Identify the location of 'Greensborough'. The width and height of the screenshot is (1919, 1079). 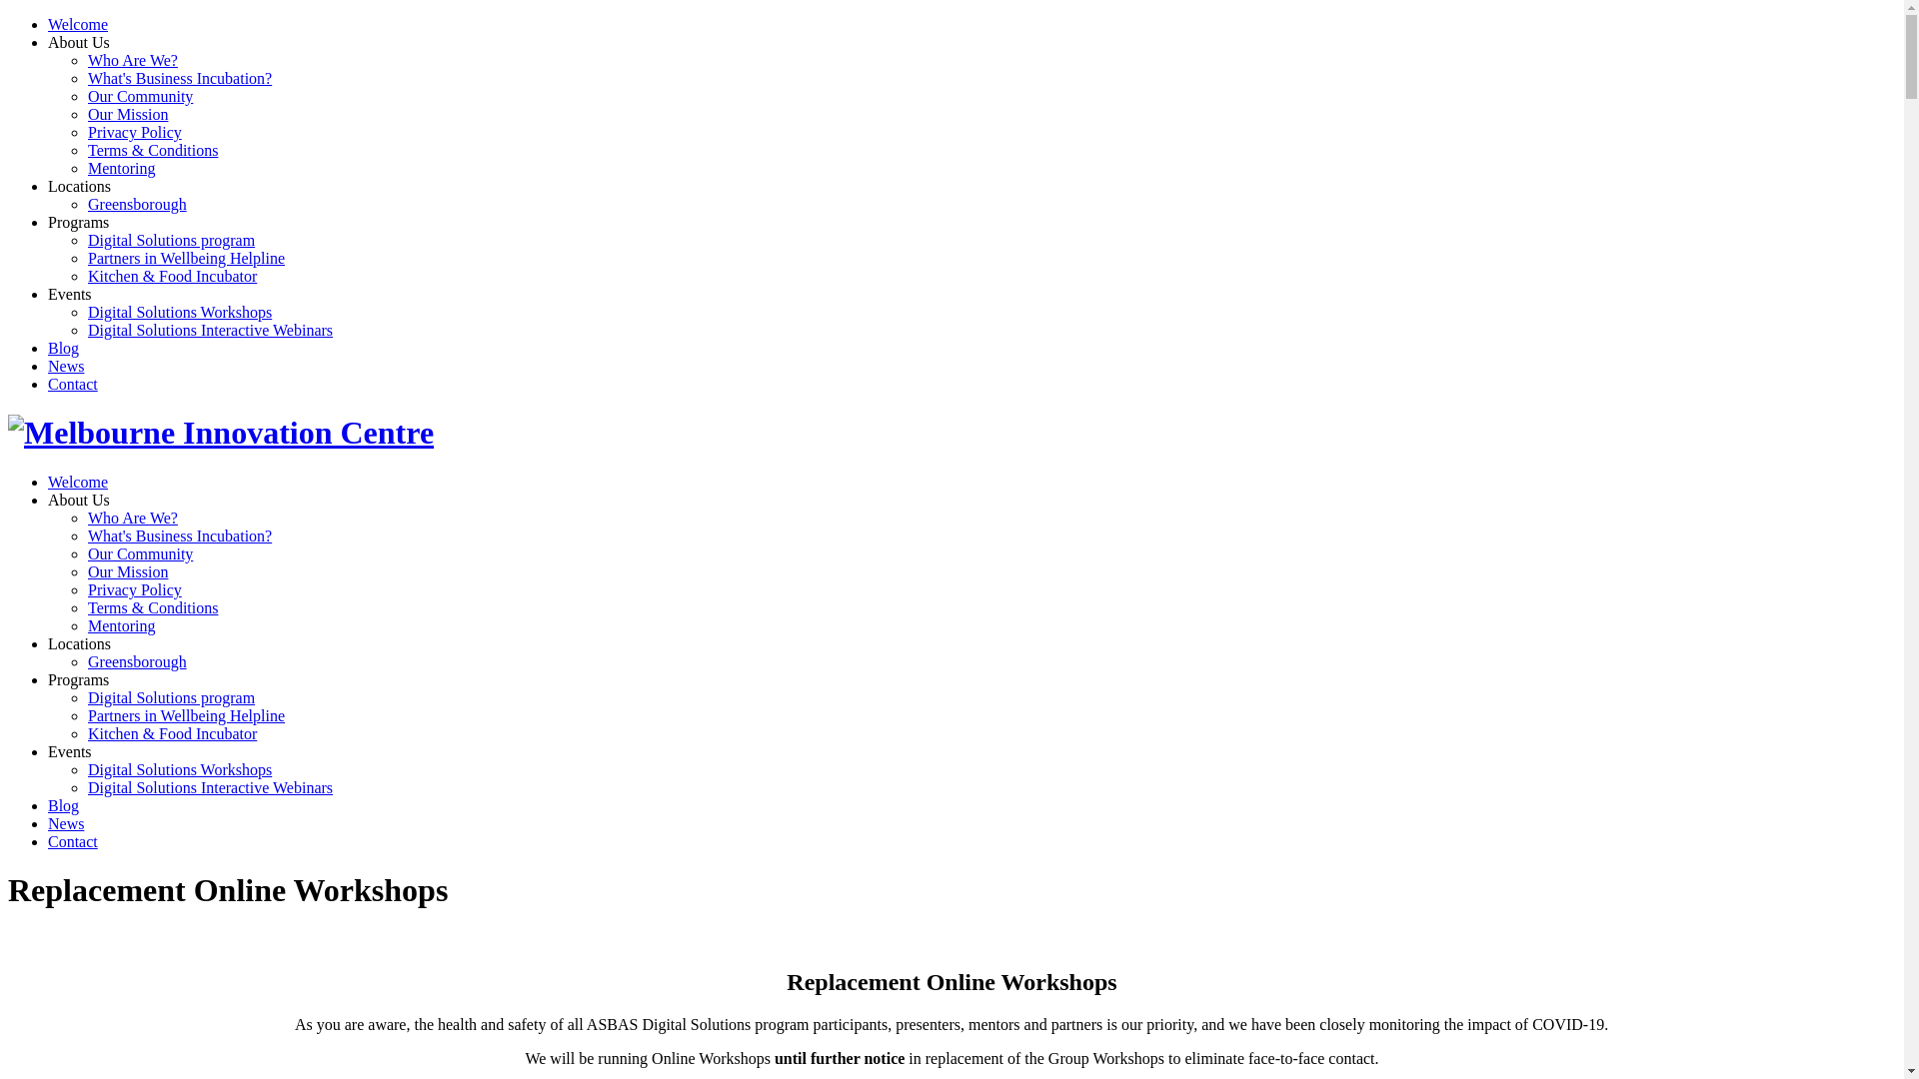
(136, 661).